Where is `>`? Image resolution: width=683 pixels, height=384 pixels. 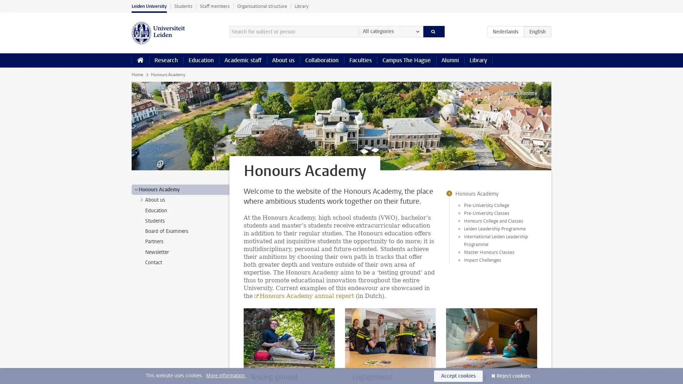 > is located at coordinates (136, 189).